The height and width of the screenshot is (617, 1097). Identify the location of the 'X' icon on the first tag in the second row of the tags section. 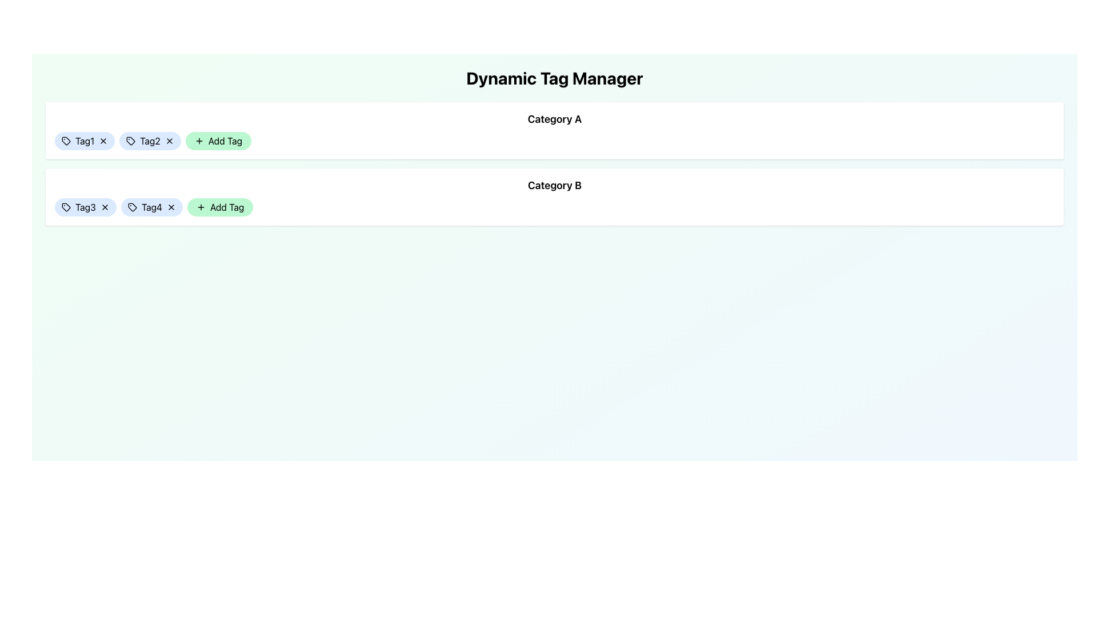
(85, 207).